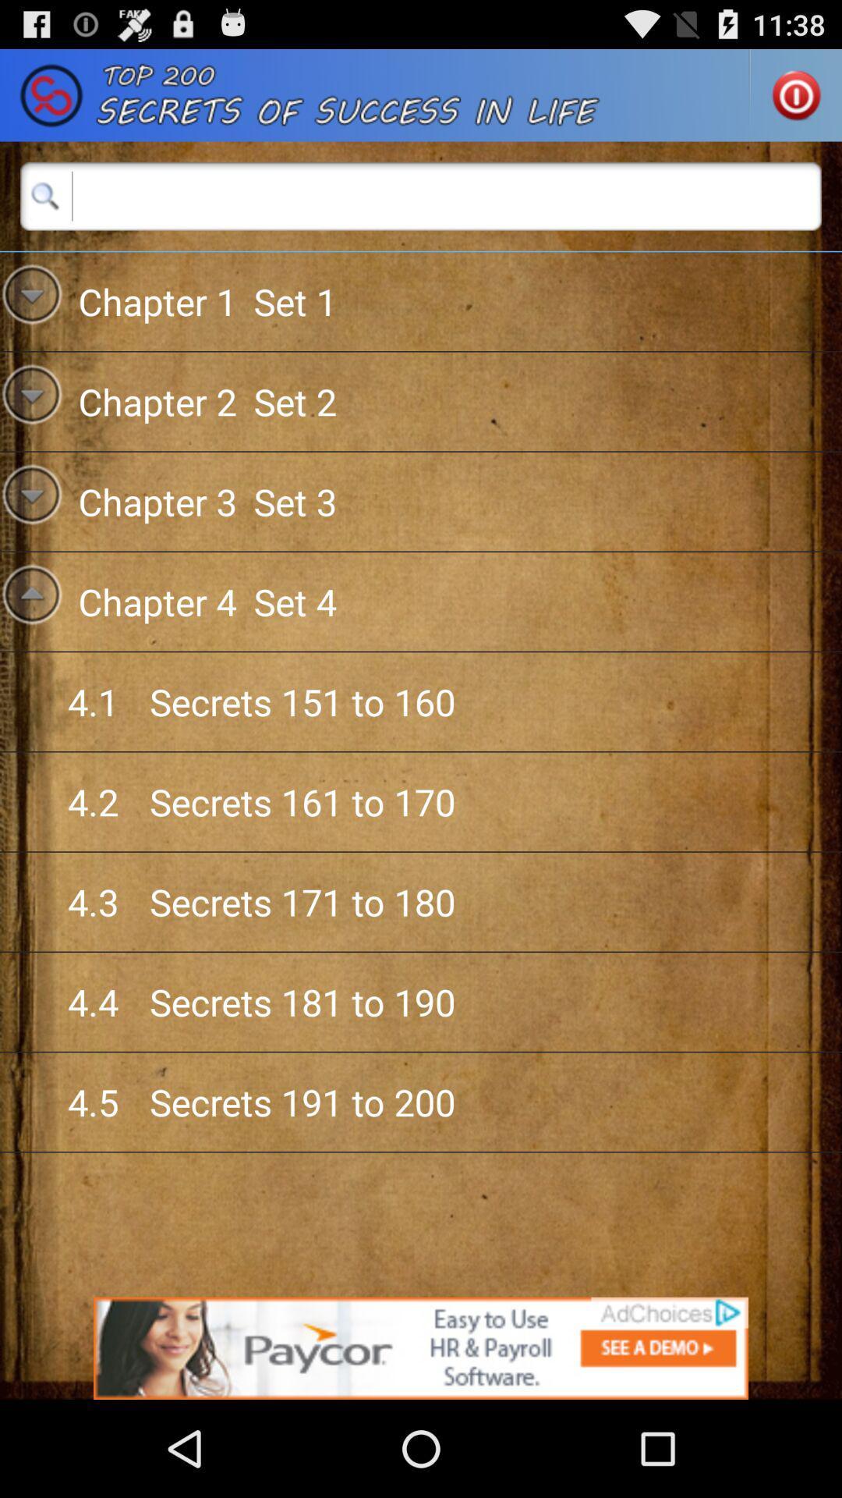  Describe the element at coordinates (421, 195) in the screenshot. I see `to search` at that location.